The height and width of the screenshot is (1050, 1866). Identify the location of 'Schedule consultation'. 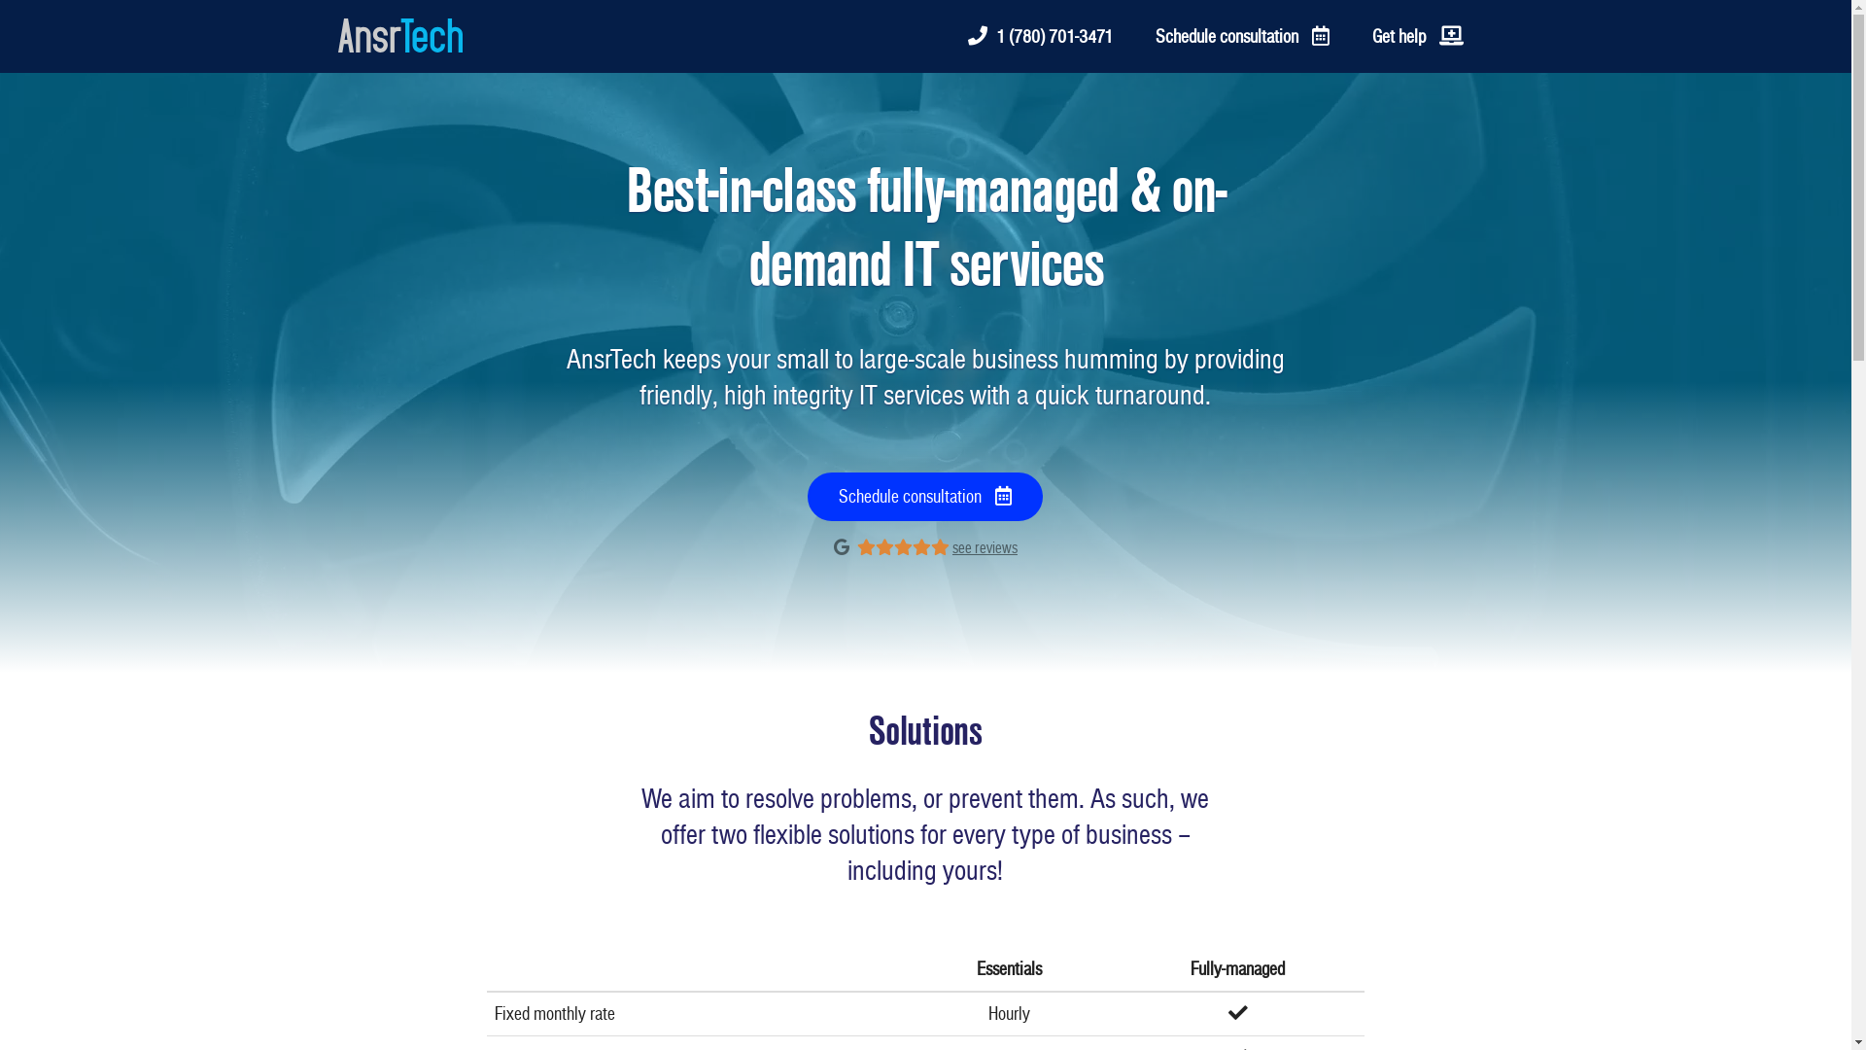
(1240, 37).